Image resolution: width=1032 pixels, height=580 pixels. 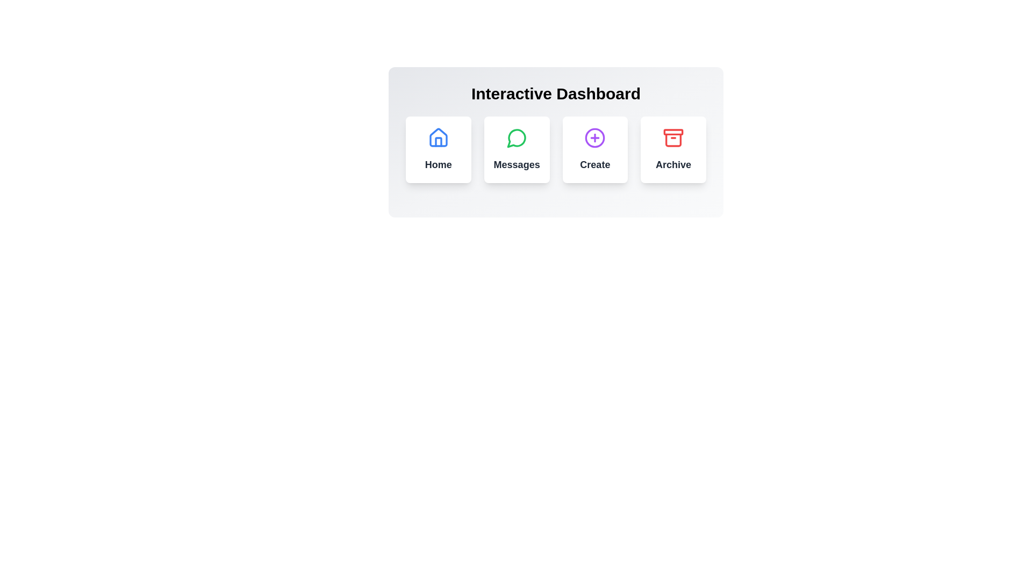 What do you see at coordinates (594, 149) in the screenshot?
I see `the 'Create' button, which is the third button in a grid layout, to trigger hover effects` at bounding box center [594, 149].